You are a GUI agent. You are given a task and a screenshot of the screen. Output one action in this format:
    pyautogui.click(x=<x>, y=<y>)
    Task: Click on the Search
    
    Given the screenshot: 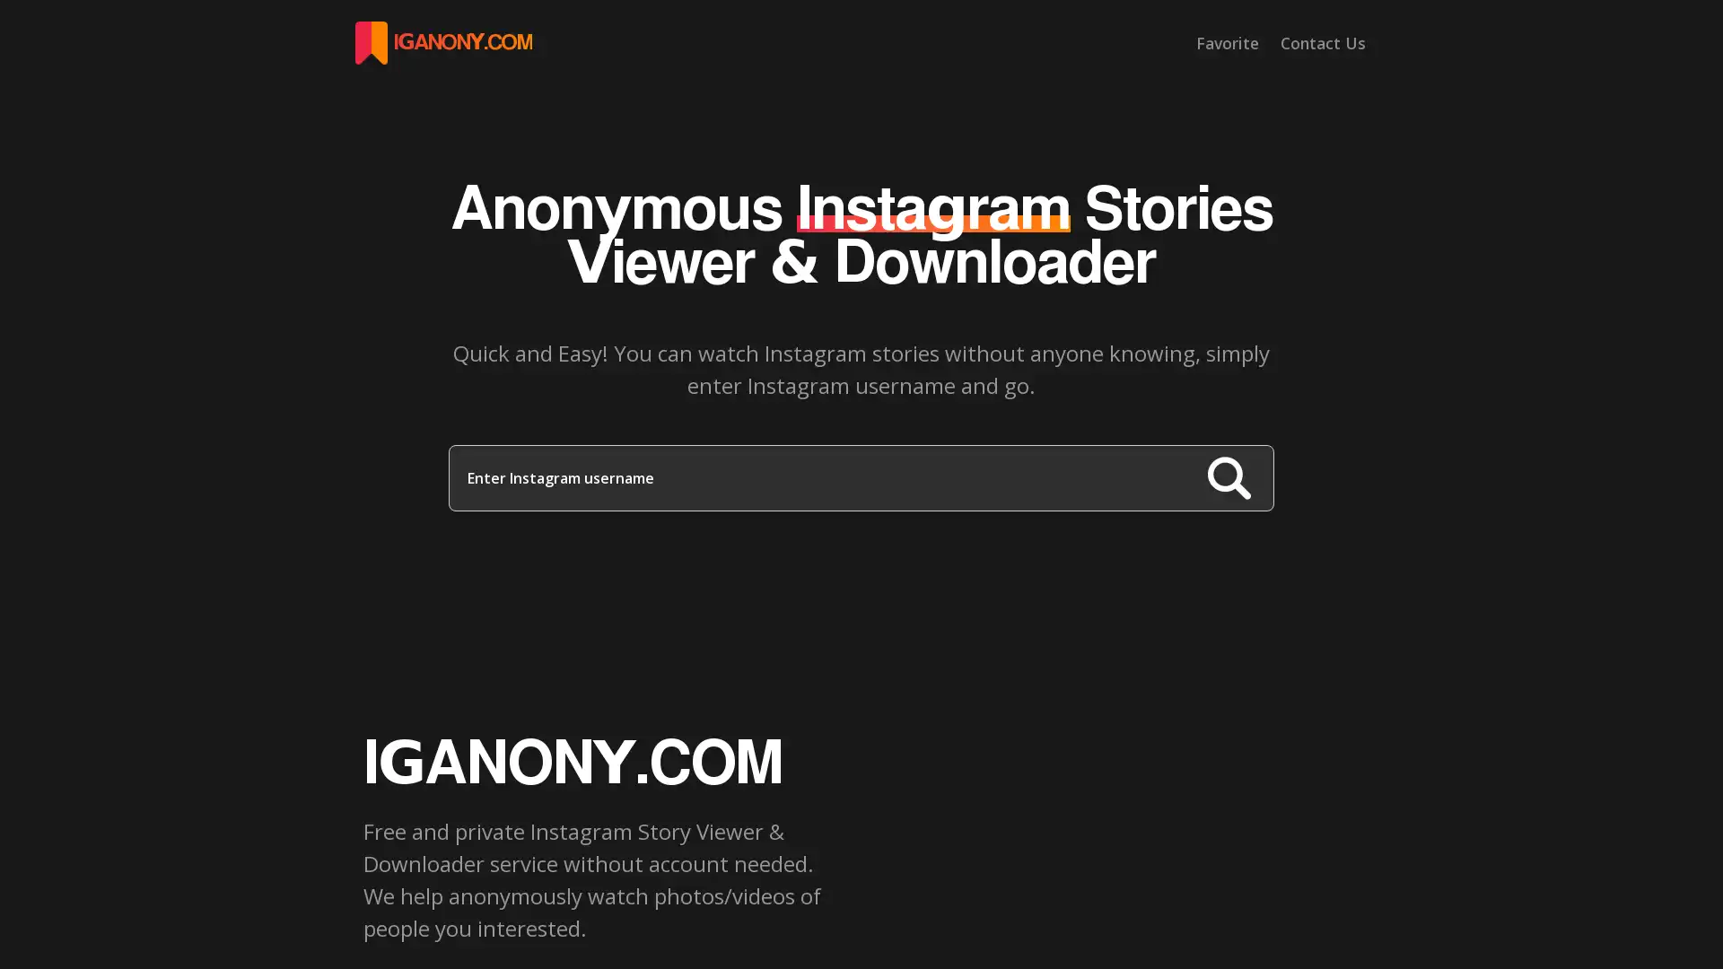 What is the action you would take?
    pyautogui.click(x=1228, y=476)
    